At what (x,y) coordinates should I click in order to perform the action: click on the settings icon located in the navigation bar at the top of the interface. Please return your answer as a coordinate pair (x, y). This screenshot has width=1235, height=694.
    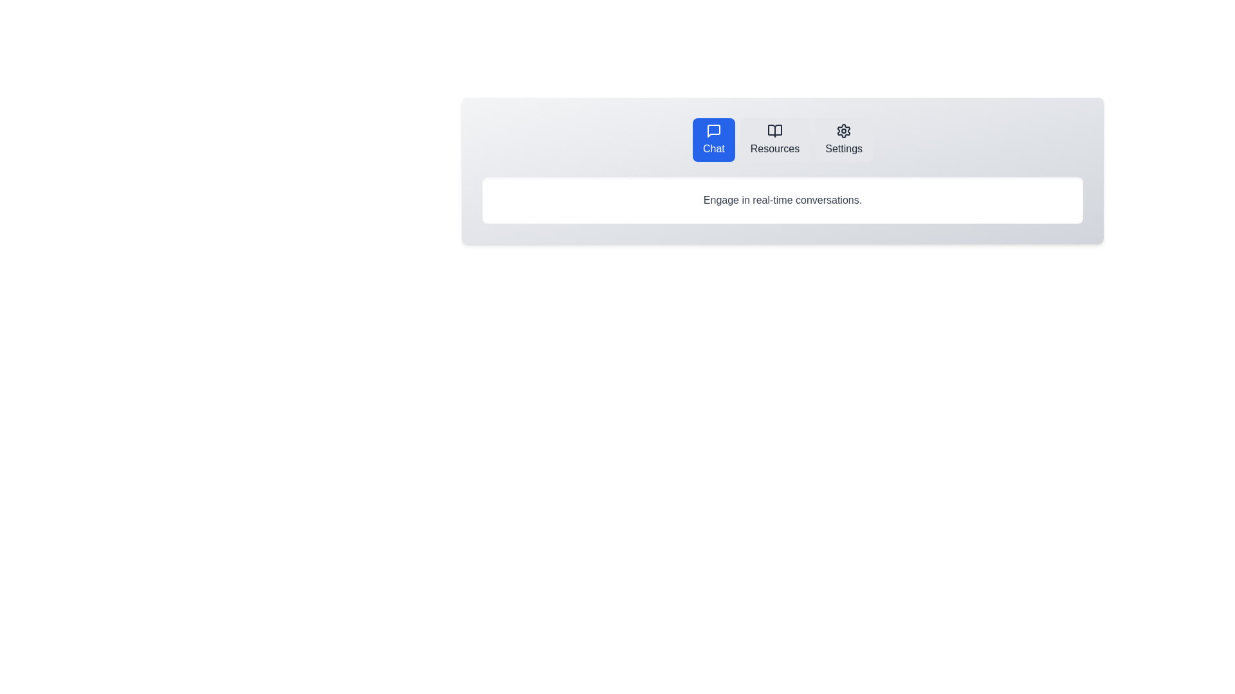
    Looking at the image, I should click on (844, 131).